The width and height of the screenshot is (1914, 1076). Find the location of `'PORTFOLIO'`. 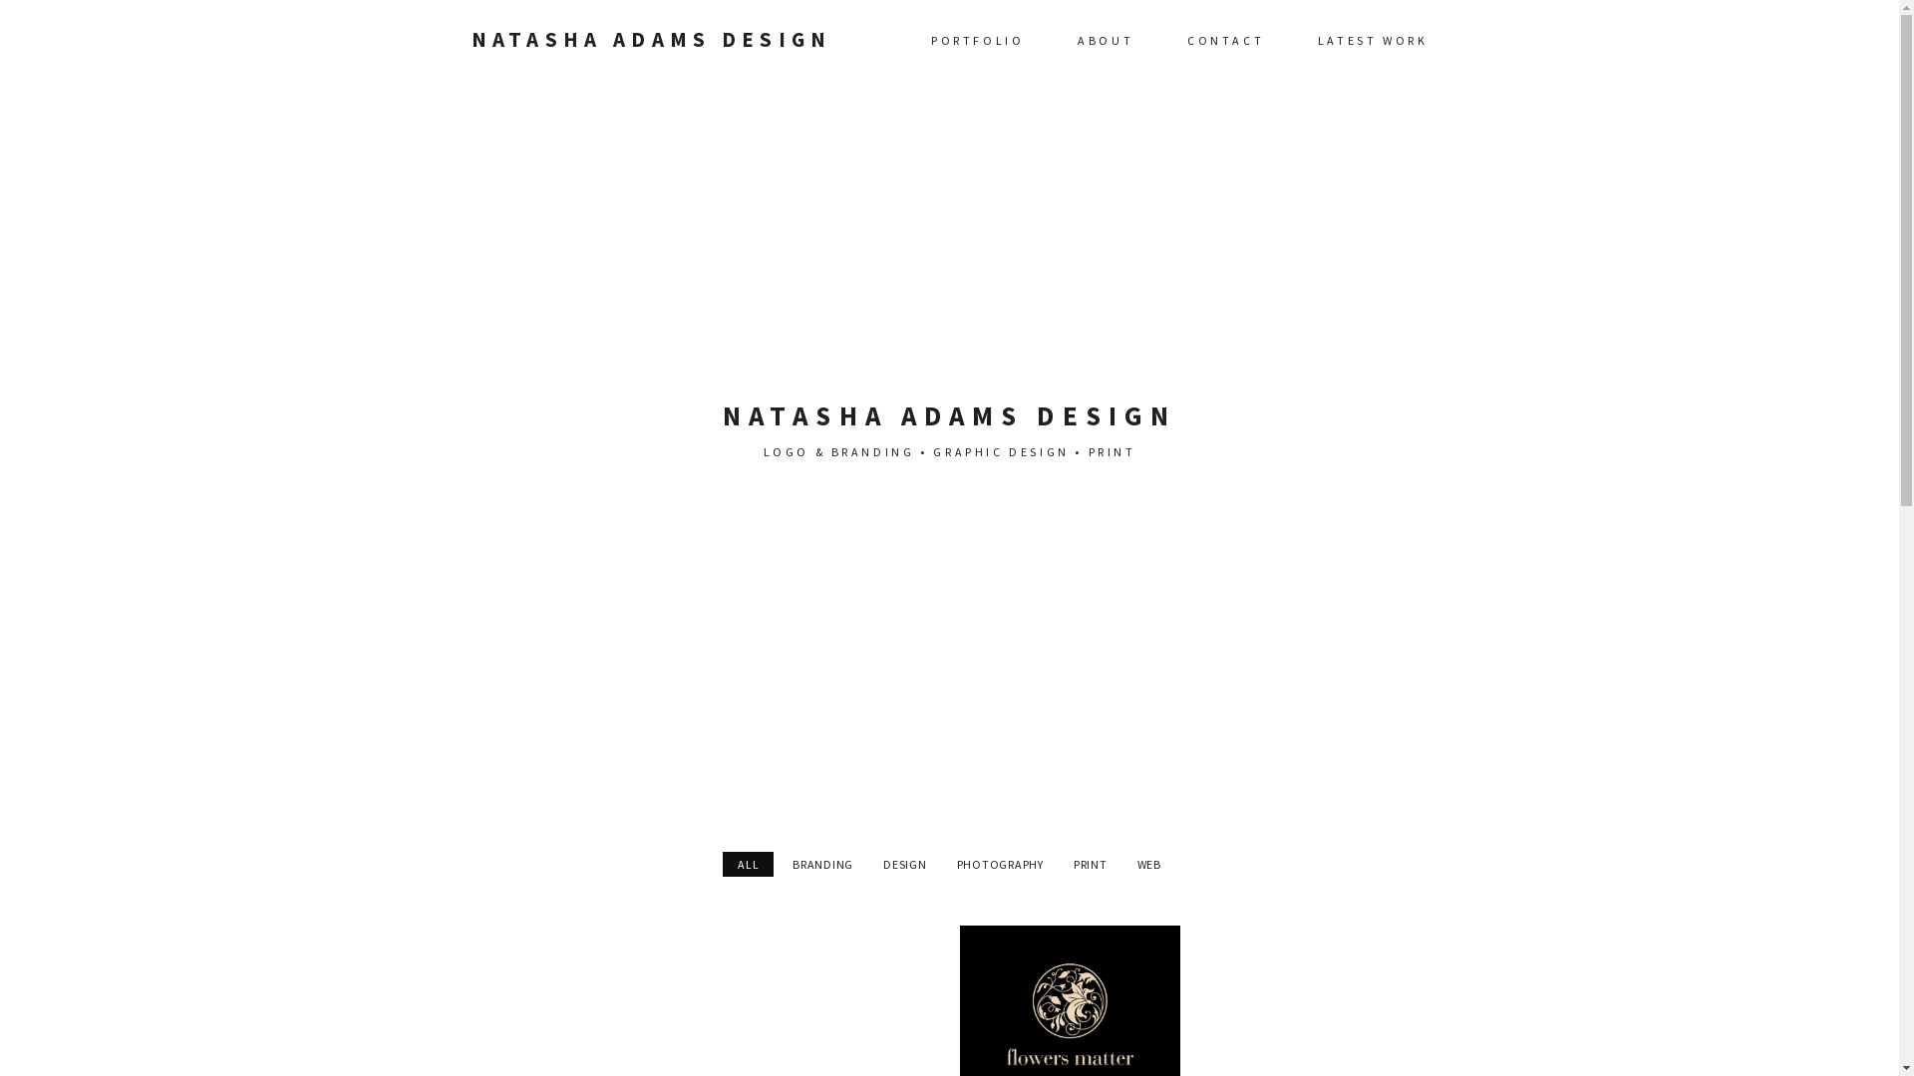

'PORTFOLIO' is located at coordinates (977, 39).